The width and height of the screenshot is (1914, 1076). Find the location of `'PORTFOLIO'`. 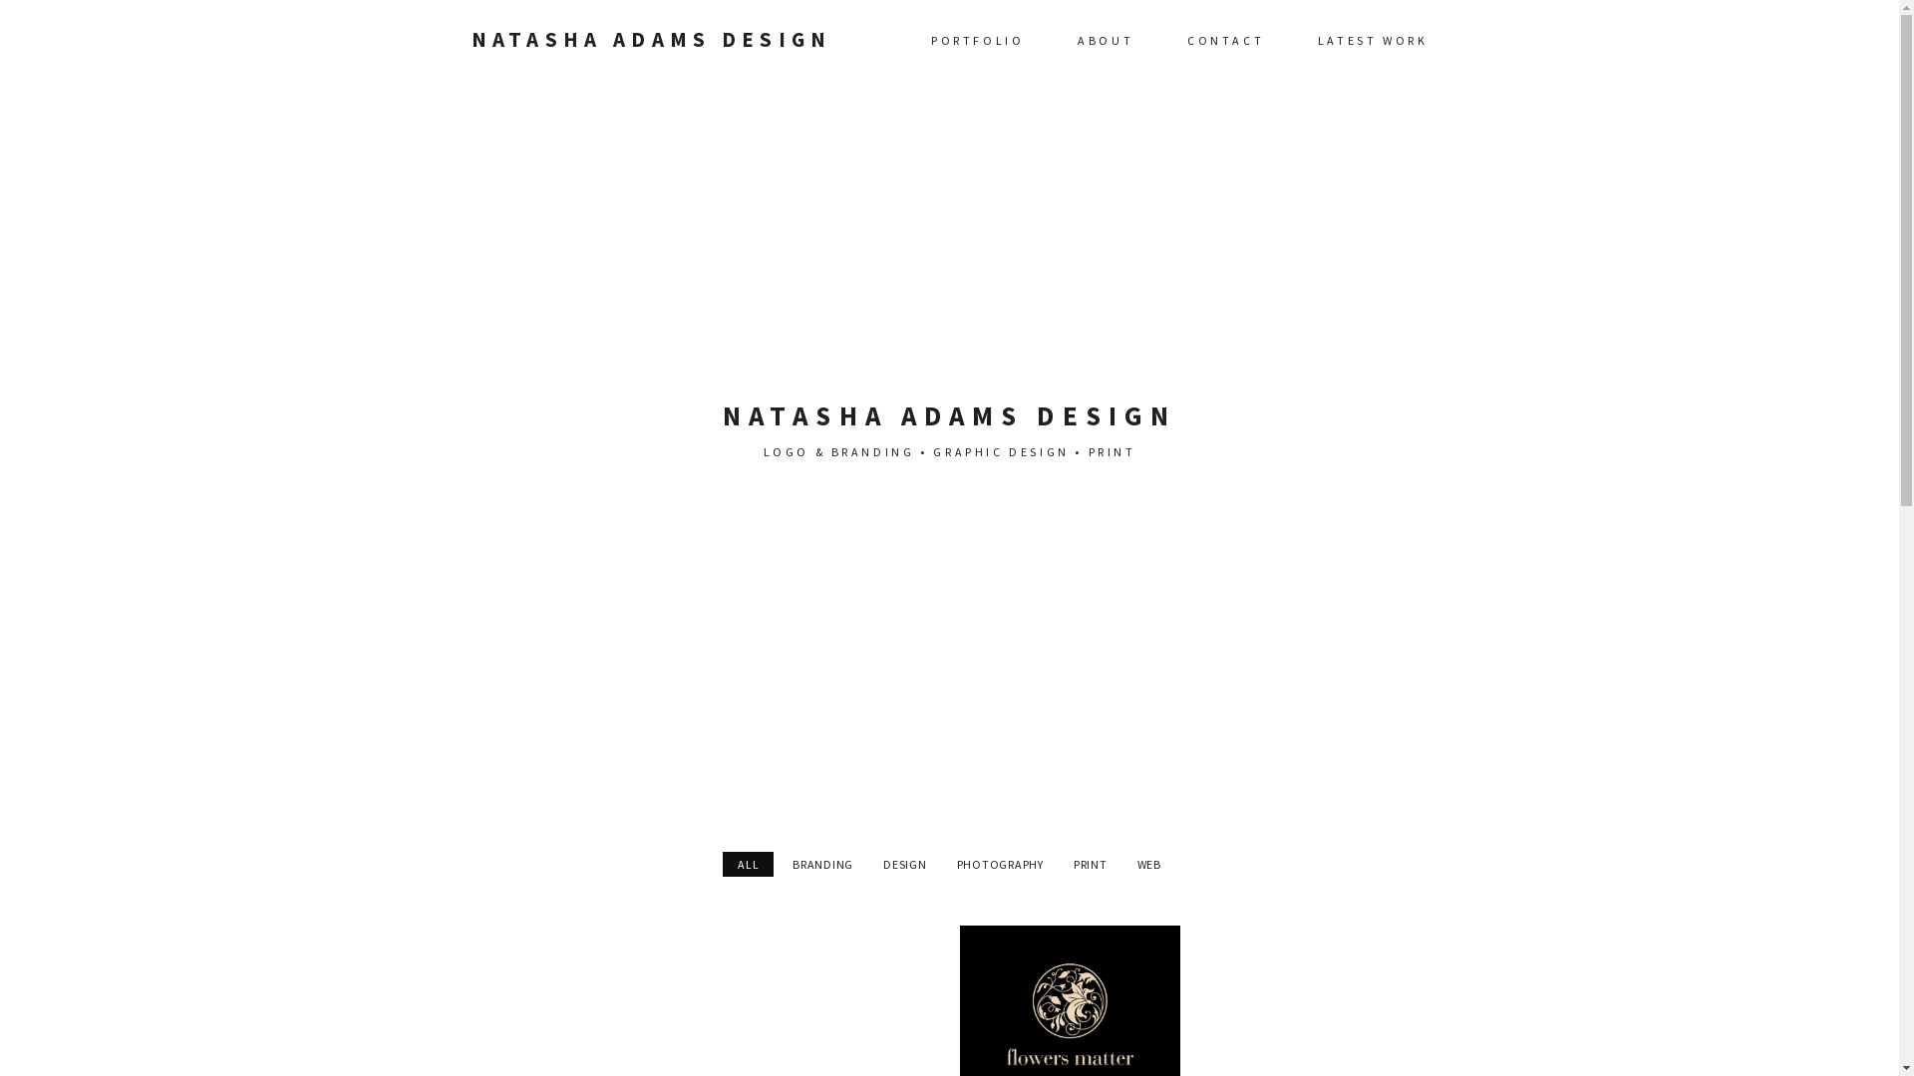

'PORTFOLIO' is located at coordinates (977, 39).